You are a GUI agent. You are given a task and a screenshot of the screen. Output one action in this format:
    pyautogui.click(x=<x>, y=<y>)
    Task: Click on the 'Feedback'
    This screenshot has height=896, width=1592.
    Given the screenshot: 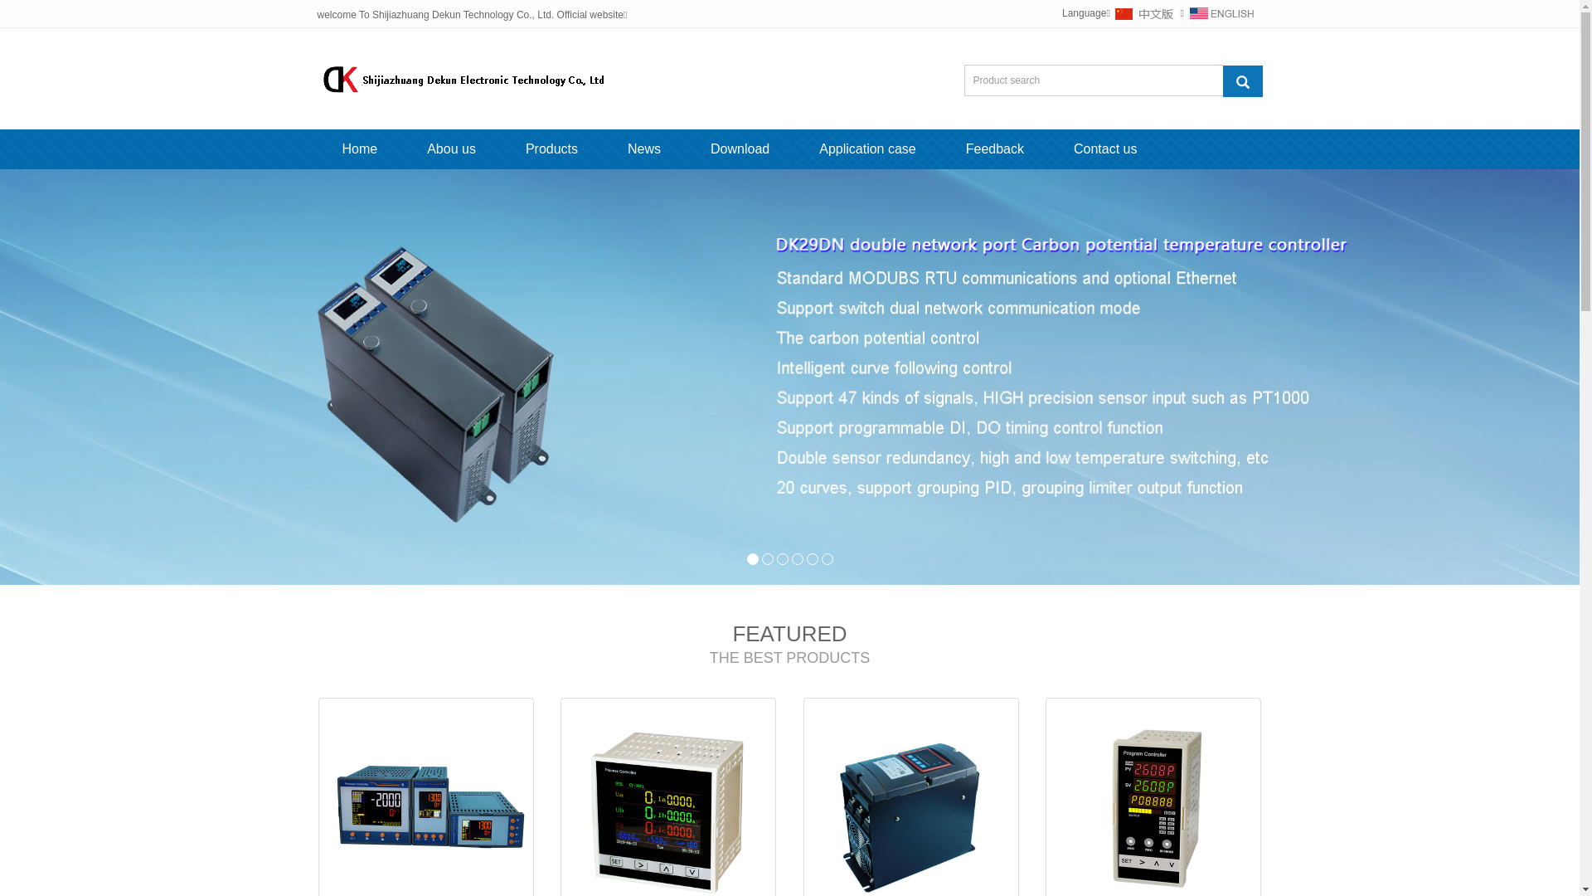 What is the action you would take?
    pyautogui.click(x=995, y=149)
    